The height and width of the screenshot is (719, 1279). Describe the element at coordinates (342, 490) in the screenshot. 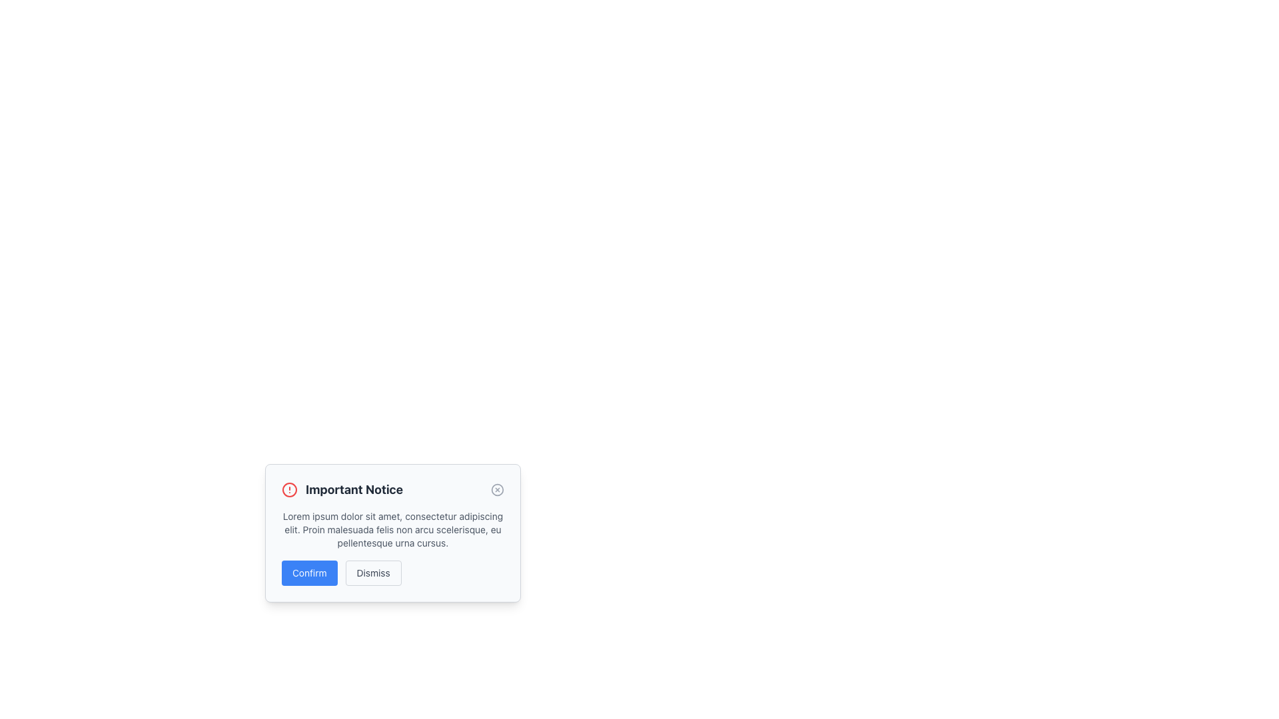

I see `the header element with an icon and text` at that location.